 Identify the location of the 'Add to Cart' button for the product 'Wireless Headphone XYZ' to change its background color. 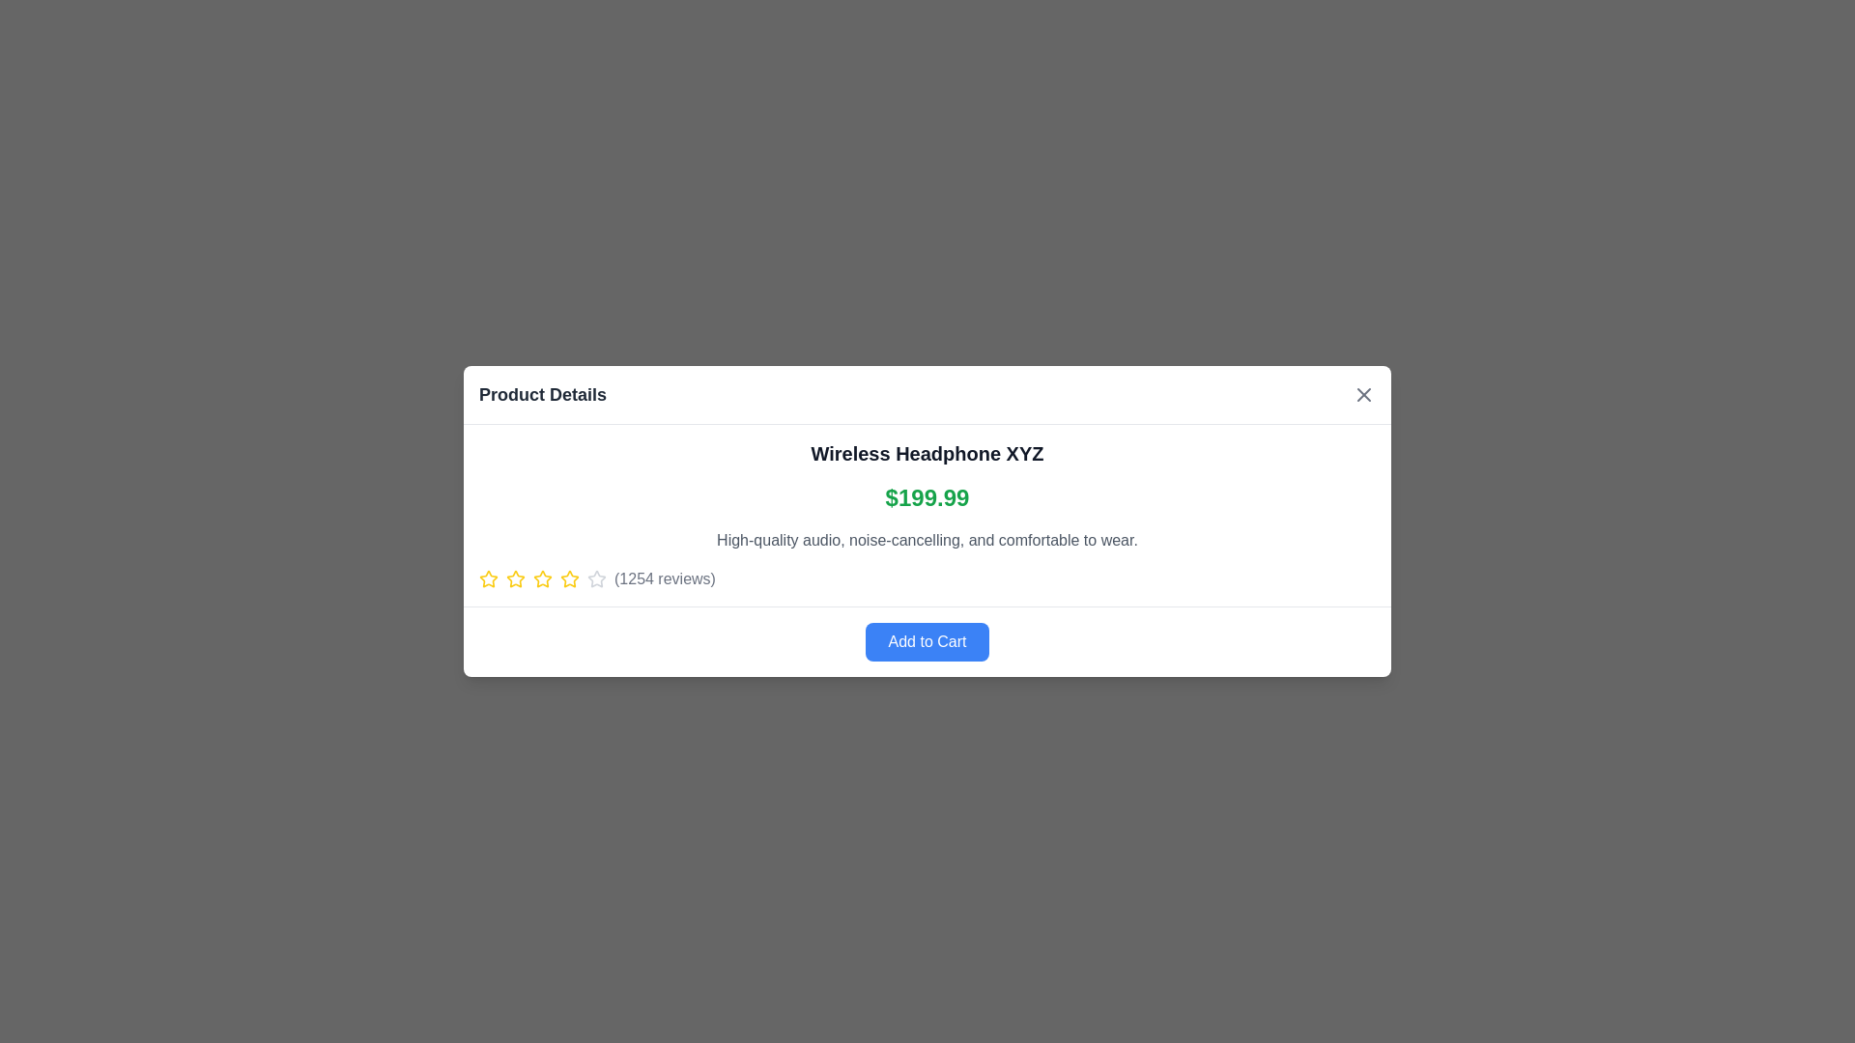
(927, 641).